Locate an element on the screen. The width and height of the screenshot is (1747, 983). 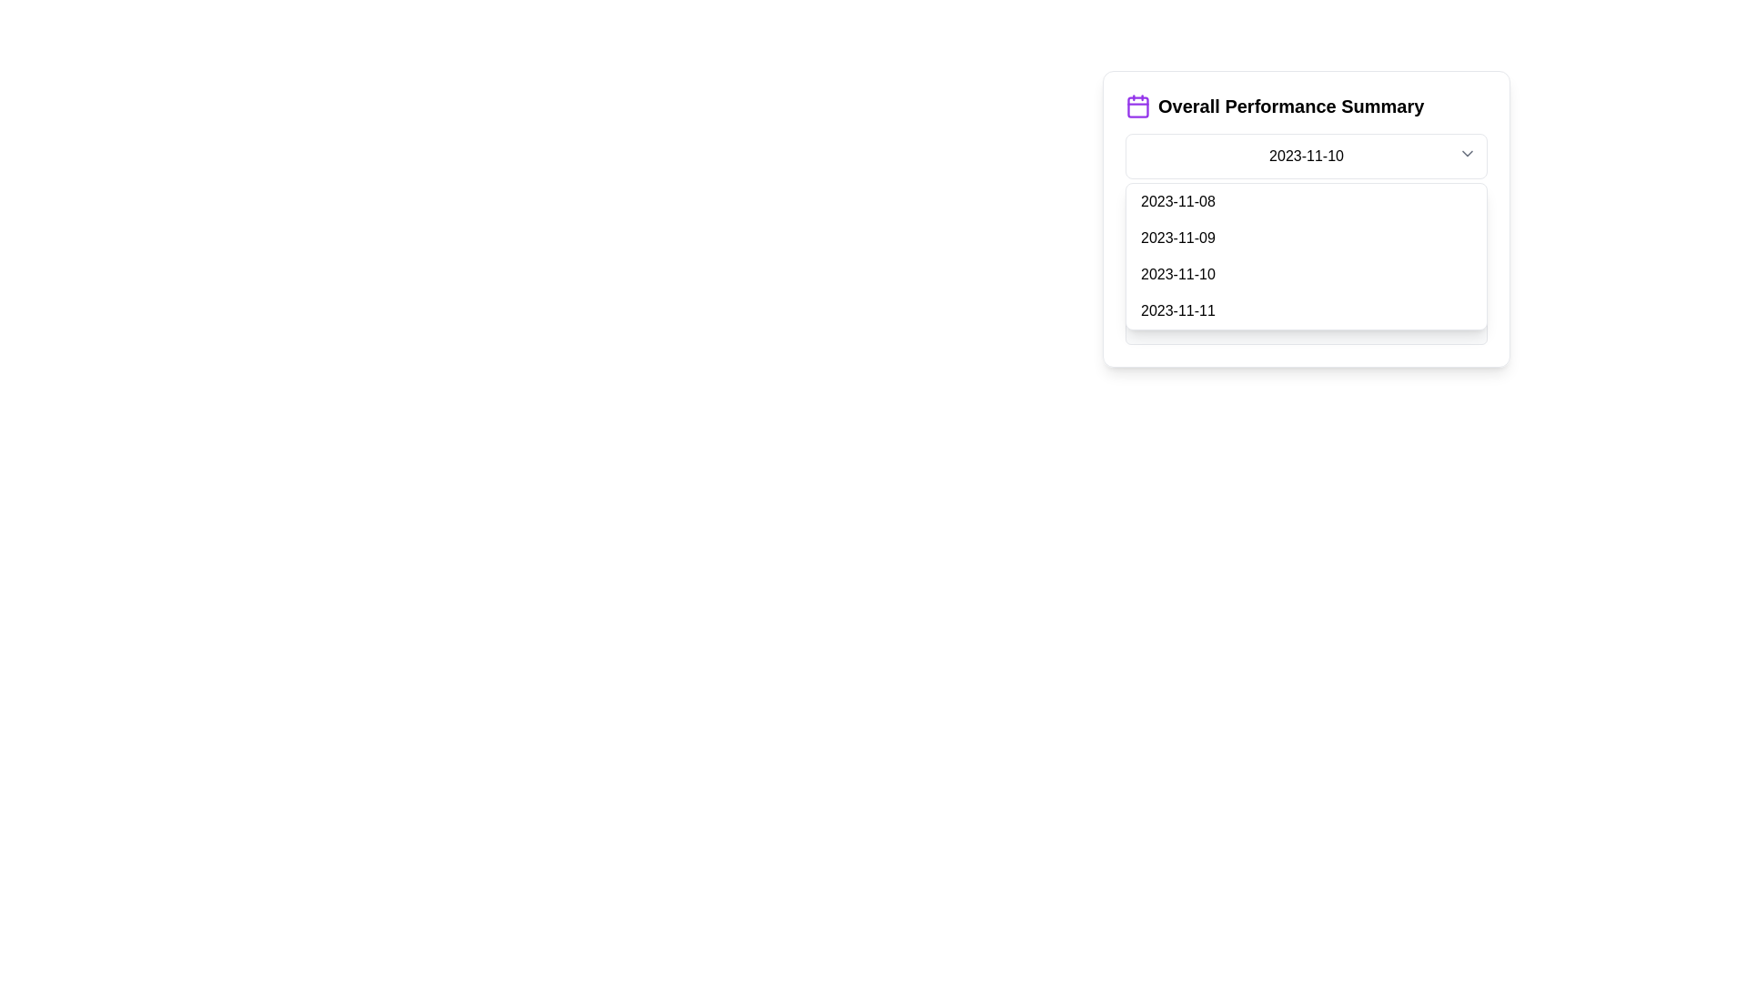
the dropdown menu located below the title 'Overall Performance Summary' is located at coordinates (1305, 156).